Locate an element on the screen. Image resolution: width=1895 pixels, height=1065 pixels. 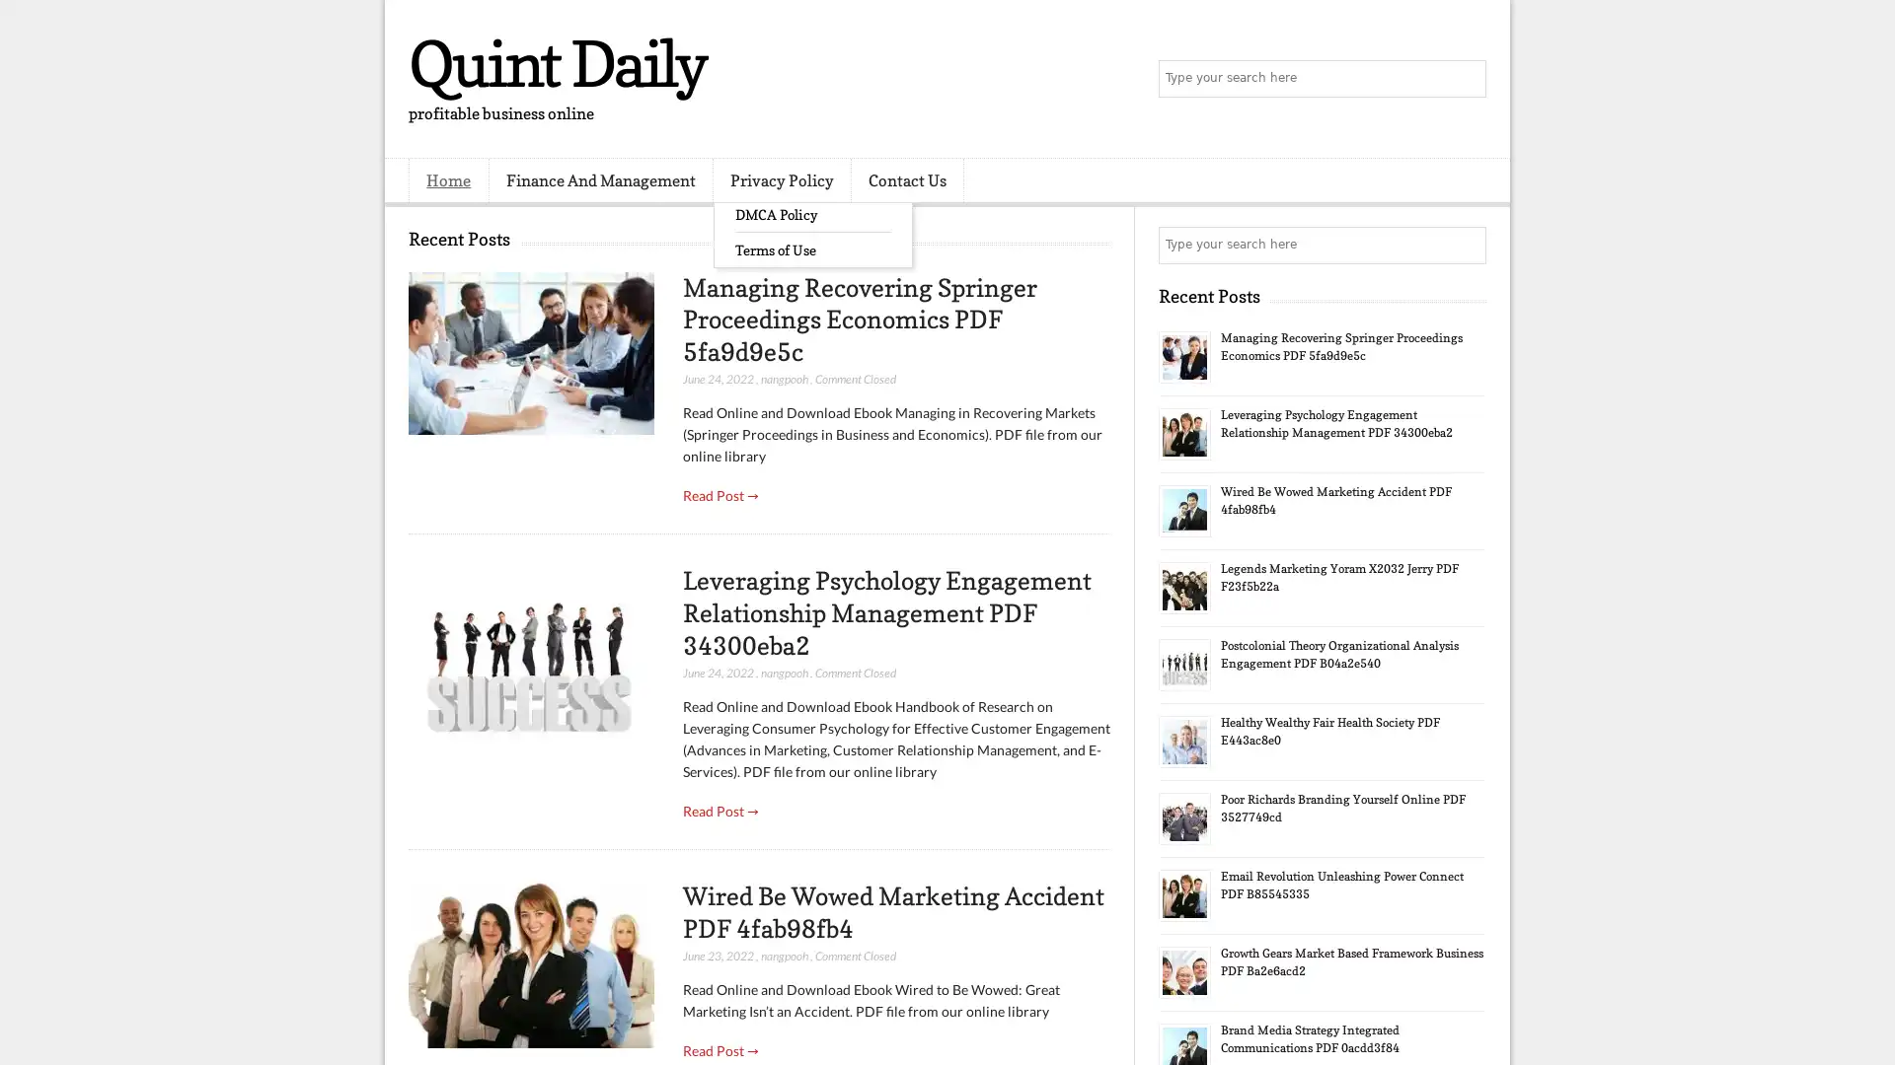
Search is located at coordinates (1466, 245).